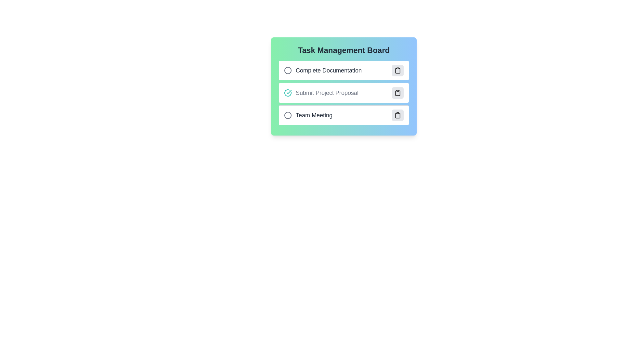 This screenshot has width=624, height=351. What do you see at coordinates (397, 115) in the screenshot?
I see `action button associated with the task titled 'Team Meeting' to toggle its completion status` at bounding box center [397, 115].